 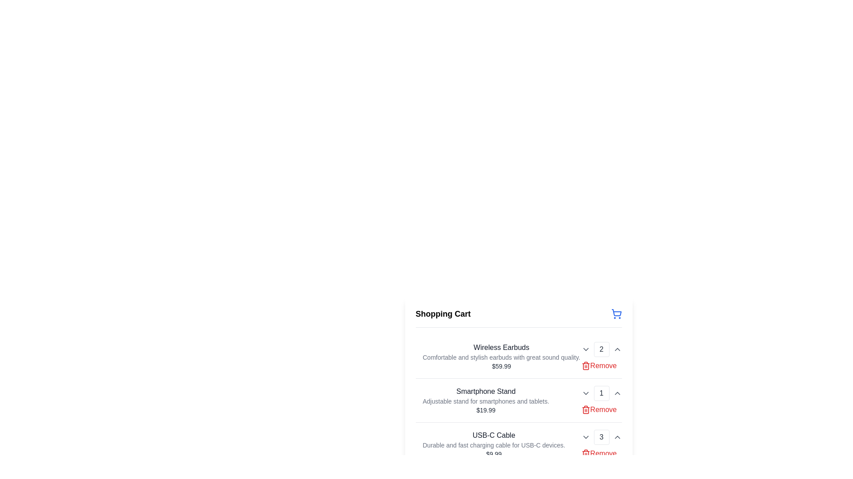 I want to click on the Text Label displaying 'Smartphone Stand' in the shopping cart, which is centrally positioned above the product description and below the header 'Shopping Cart', so click(x=486, y=391).